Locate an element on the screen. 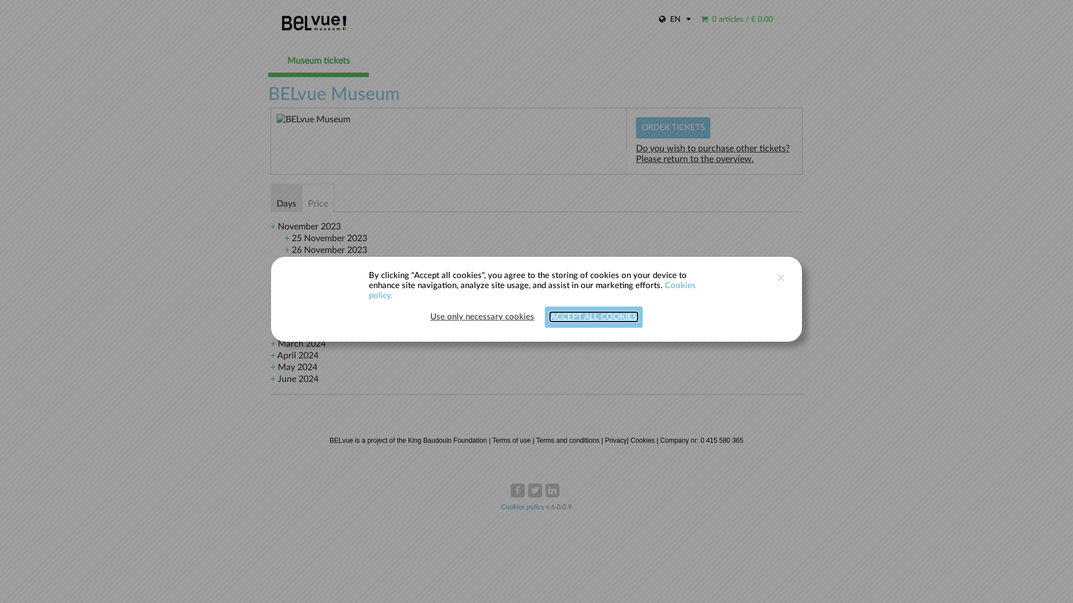 The image size is (1073, 603). '+' is located at coordinates (273, 355).